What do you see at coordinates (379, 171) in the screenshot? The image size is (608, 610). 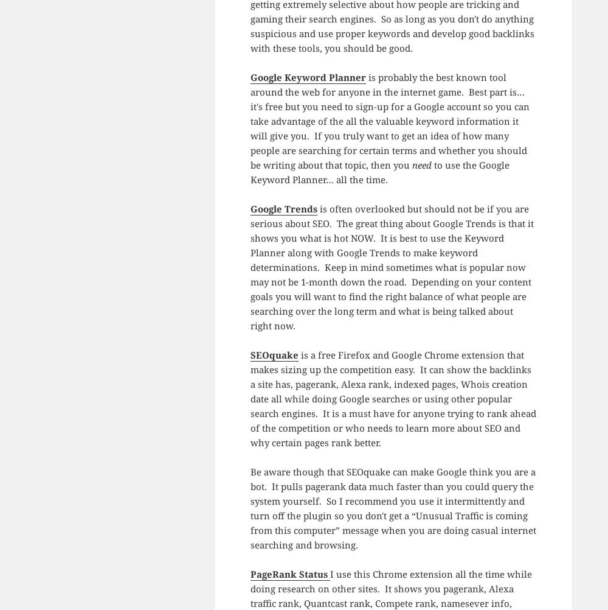 I see `'to use the Google Keyword Planner… all the time.'` at bounding box center [379, 171].